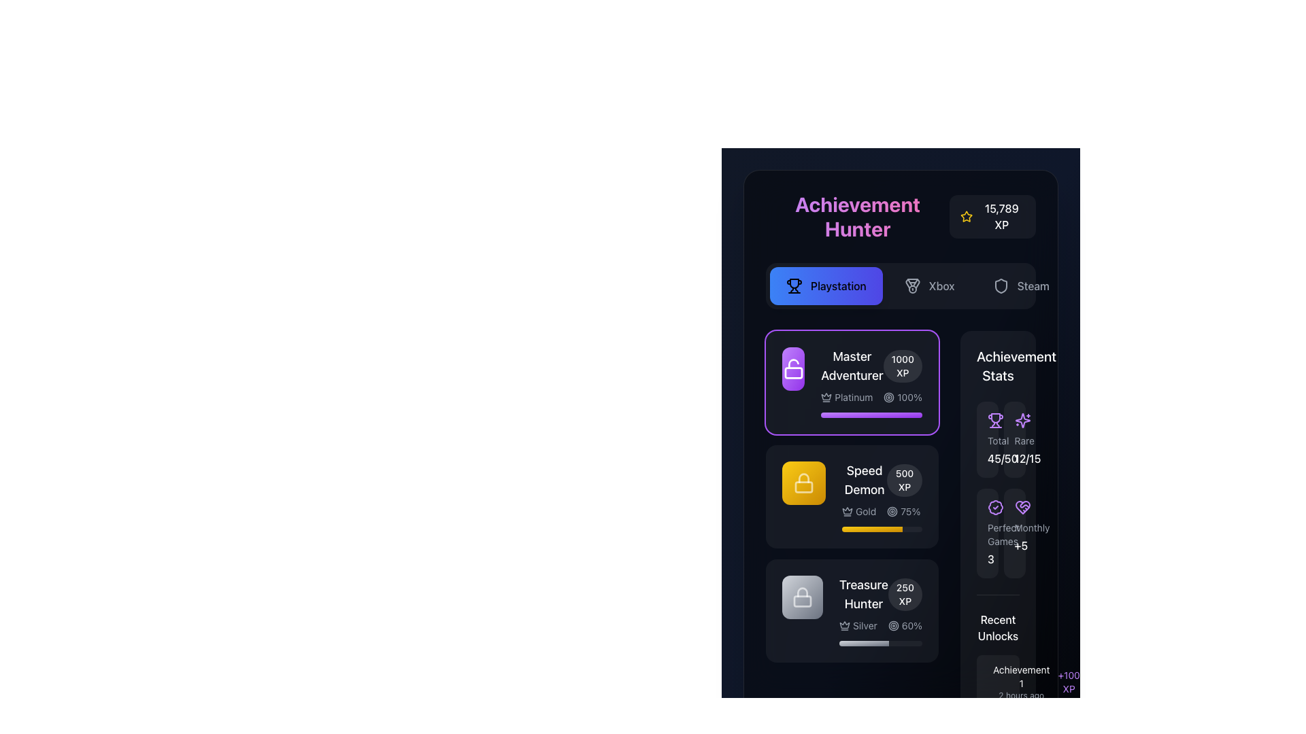 This screenshot has height=734, width=1306. Describe the element at coordinates (998, 628) in the screenshot. I see `the 'Recent Unlocks' text label, which is styled with a white medium-weight font and positioned above a list of recent achievements` at that location.